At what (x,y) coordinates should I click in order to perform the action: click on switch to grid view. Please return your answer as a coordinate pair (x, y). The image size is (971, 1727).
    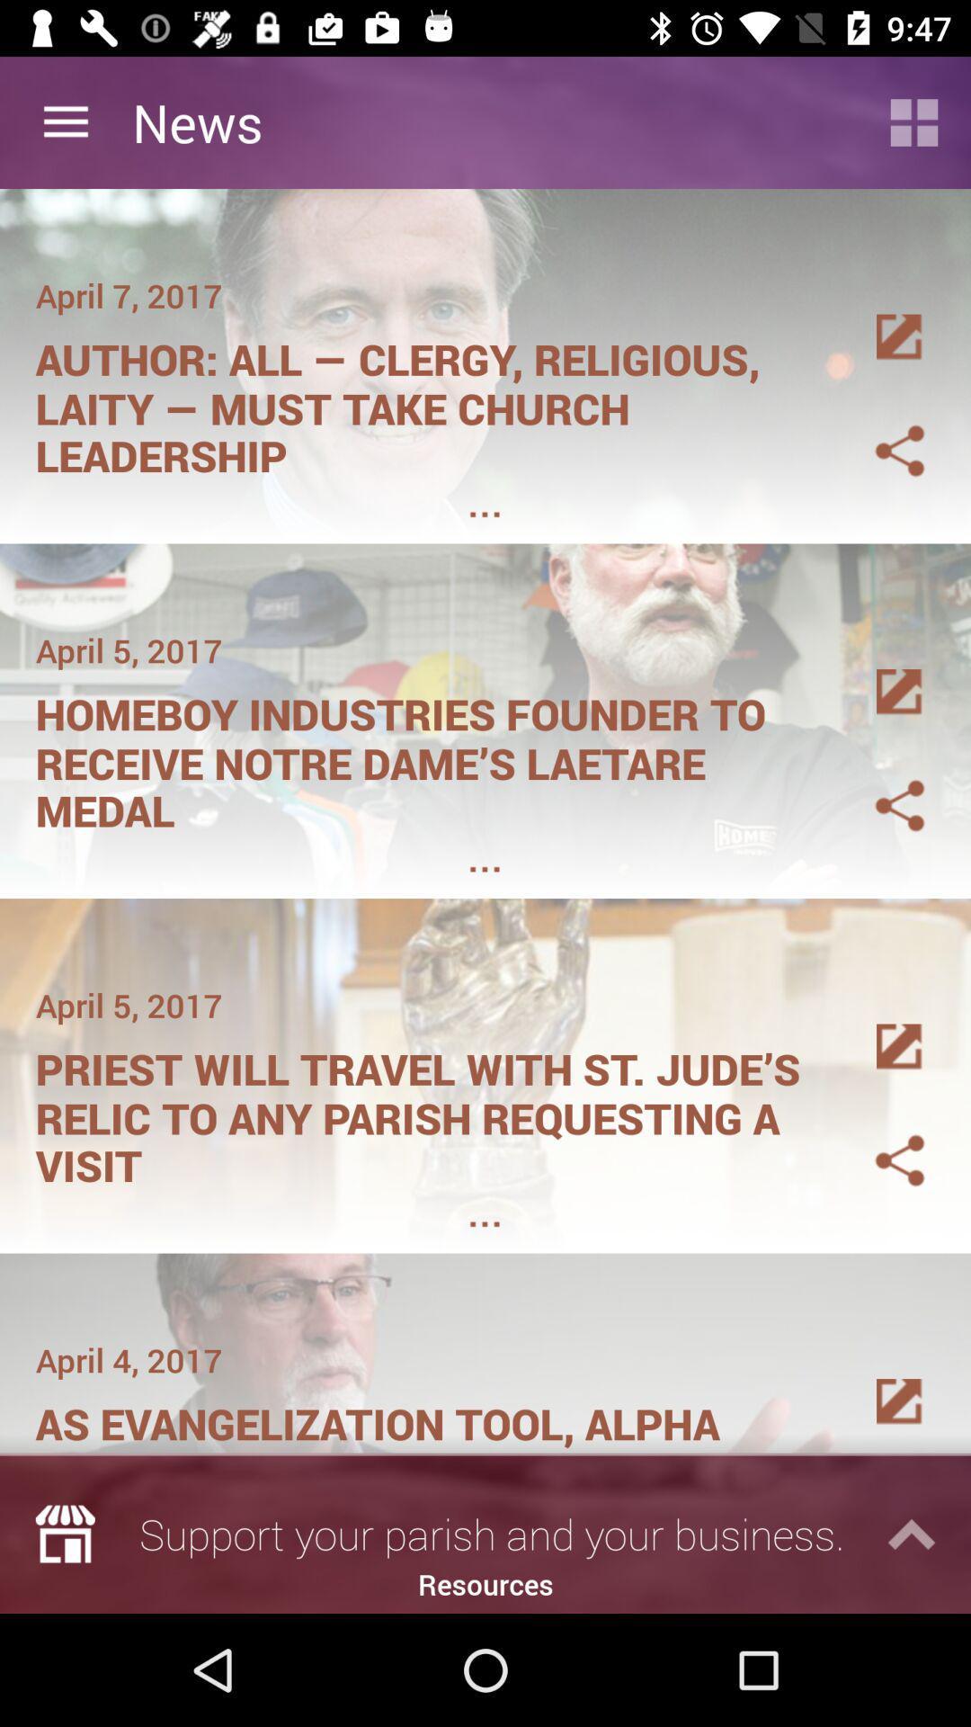
    Looking at the image, I should click on (914, 121).